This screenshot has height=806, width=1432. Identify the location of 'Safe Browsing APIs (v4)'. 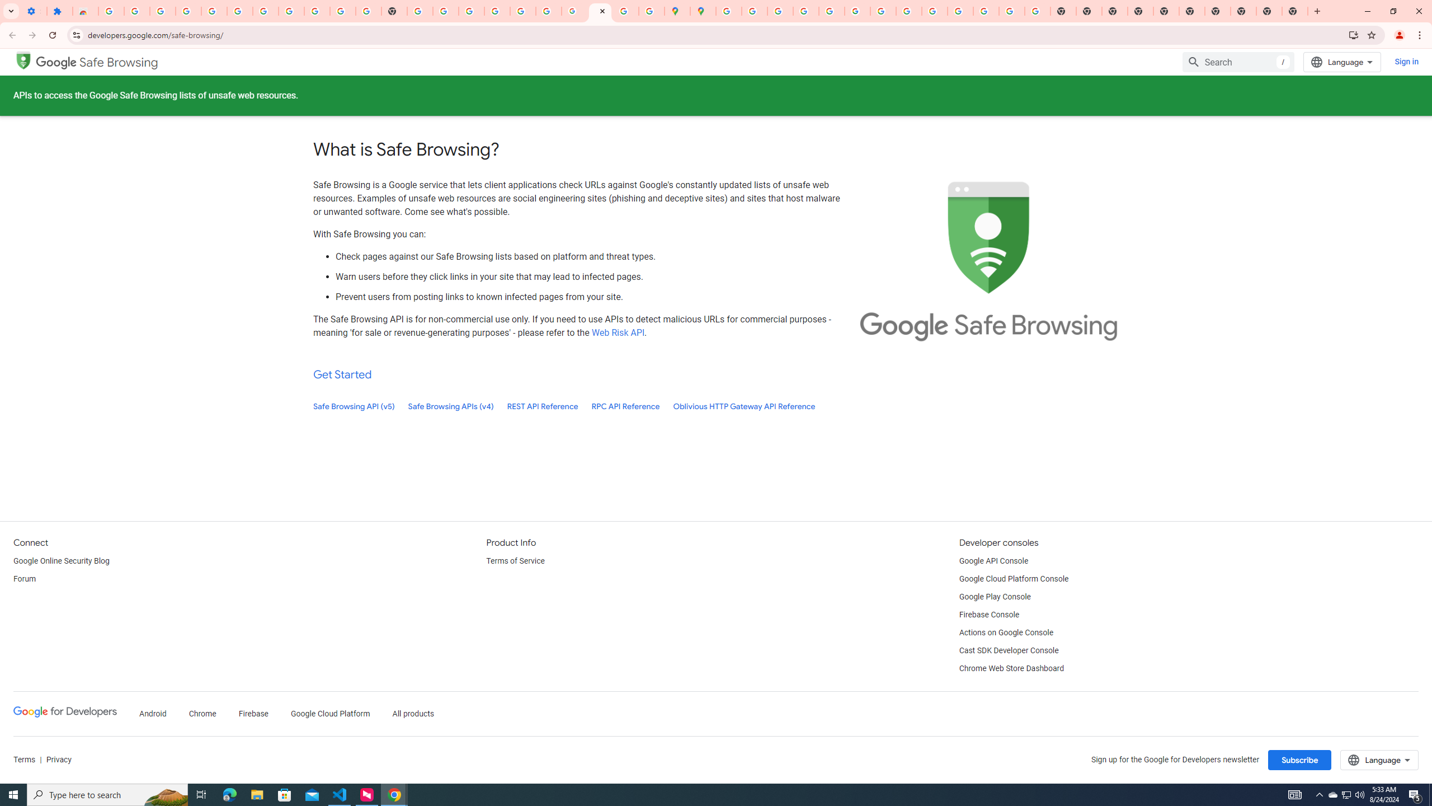
(451, 406).